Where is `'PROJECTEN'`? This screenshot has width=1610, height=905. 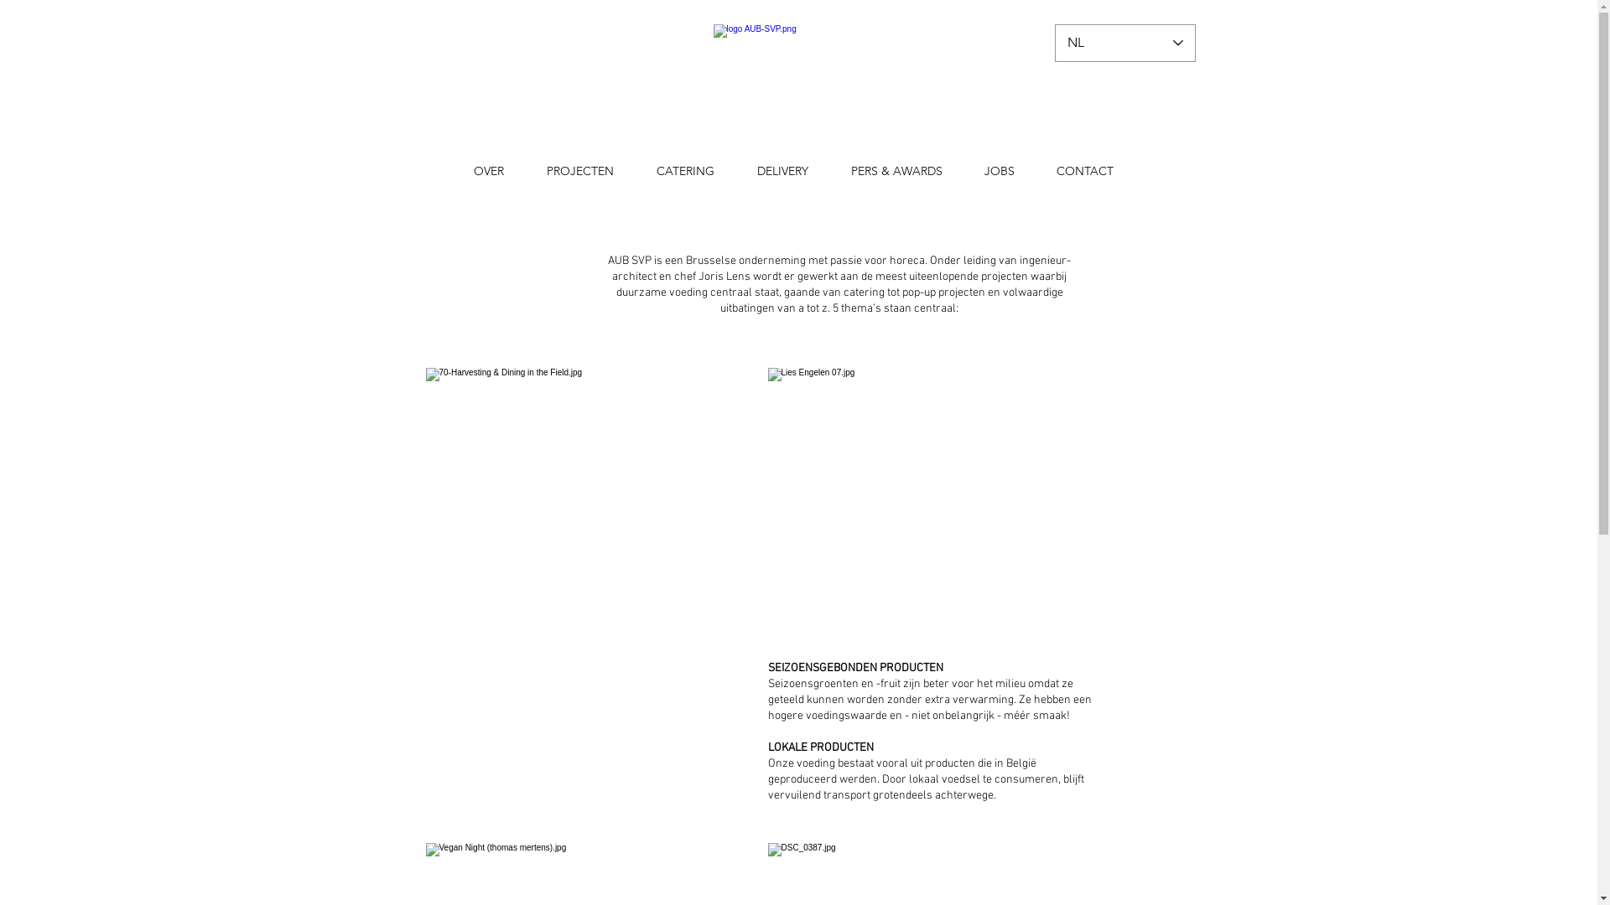
'PROJECTEN' is located at coordinates (579, 171).